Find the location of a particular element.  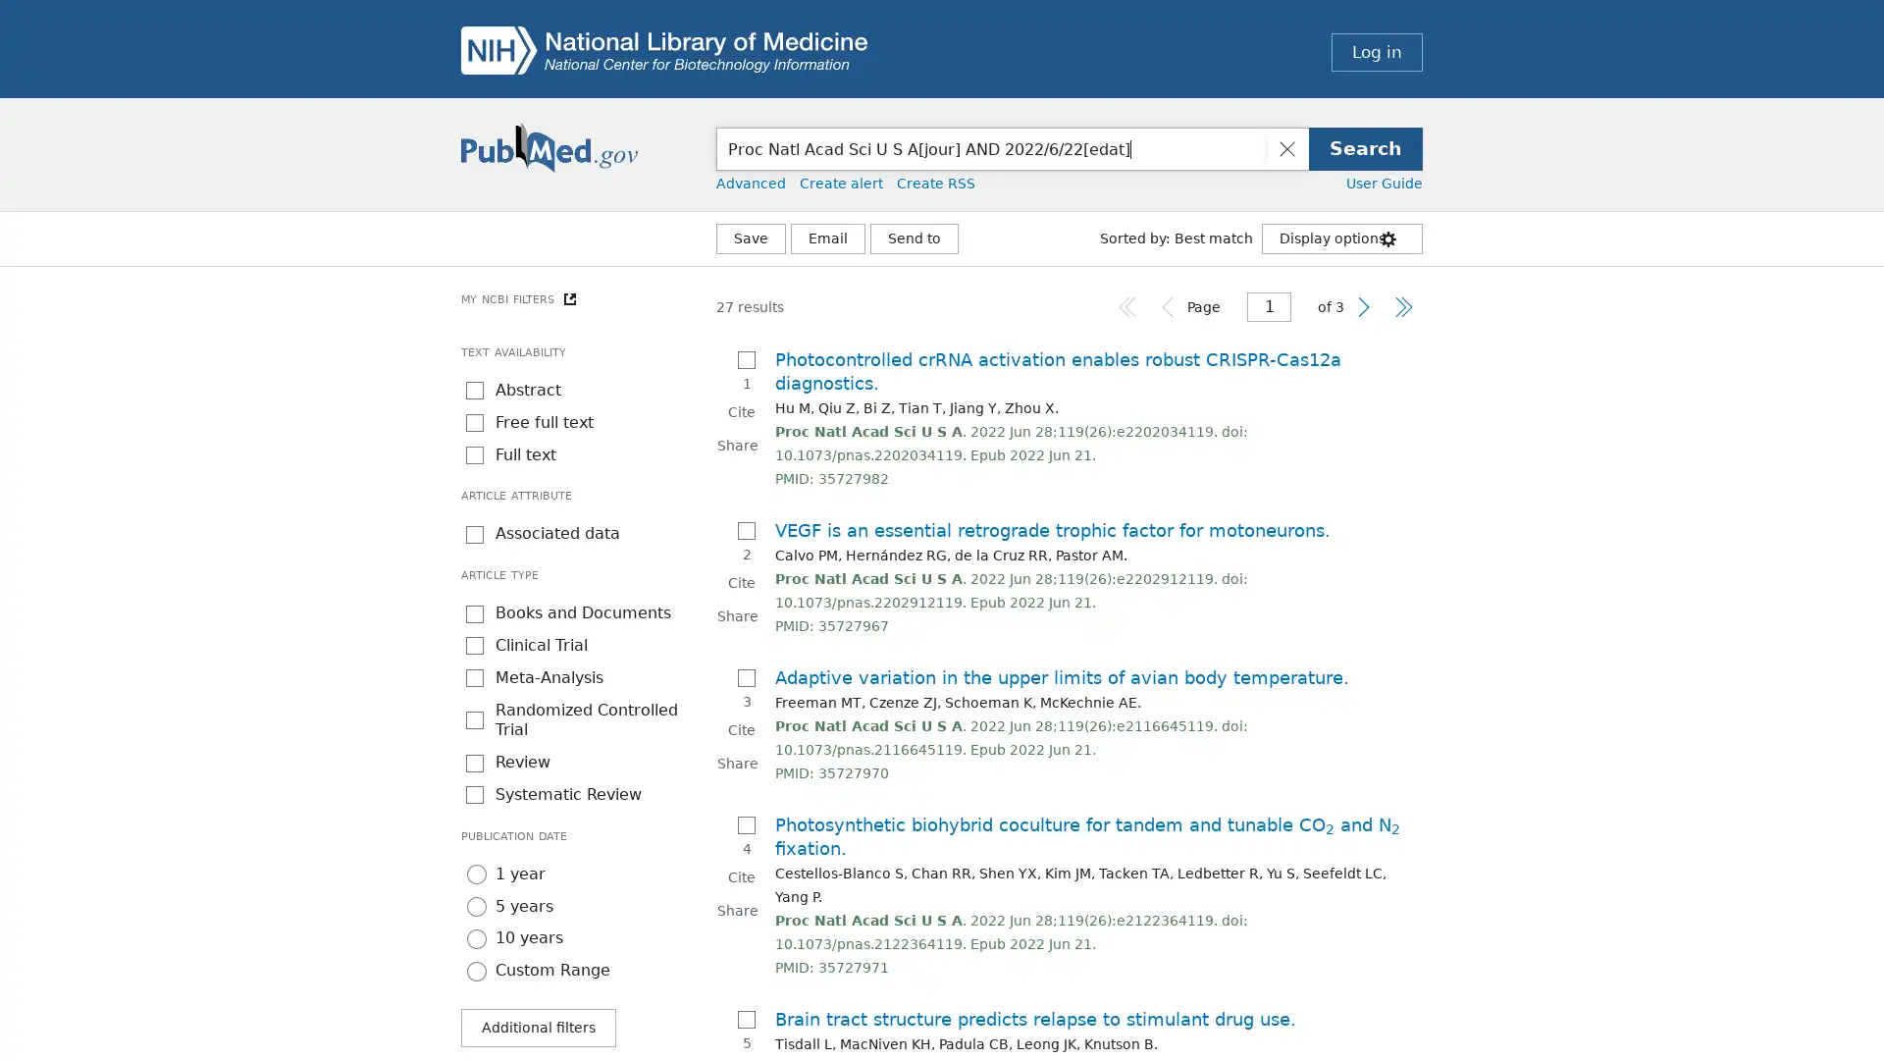

Email is located at coordinates (828, 238).